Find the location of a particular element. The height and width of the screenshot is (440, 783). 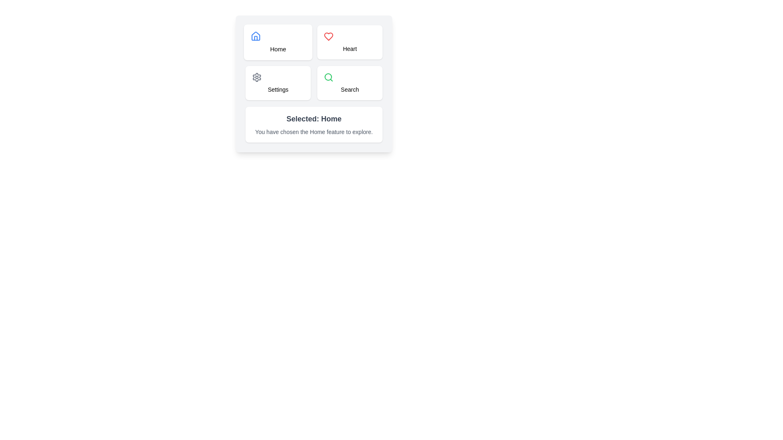

the green magnifying glass icon within the 'Search' button is located at coordinates (329, 77).